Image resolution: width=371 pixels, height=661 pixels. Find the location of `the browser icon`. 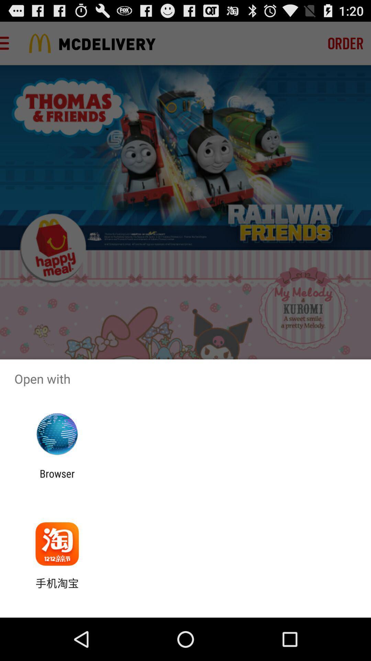

the browser icon is located at coordinates (57, 479).